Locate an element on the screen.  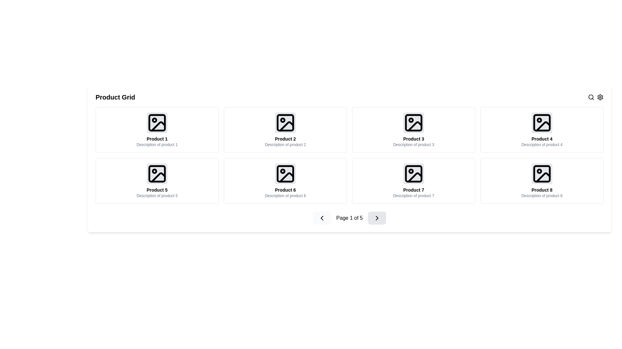
the Text label that displays the current page number and total number of pages, located at the bottom of the 'Product Grid' section, centered between the navigation buttons is located at coordinates (349, 218).